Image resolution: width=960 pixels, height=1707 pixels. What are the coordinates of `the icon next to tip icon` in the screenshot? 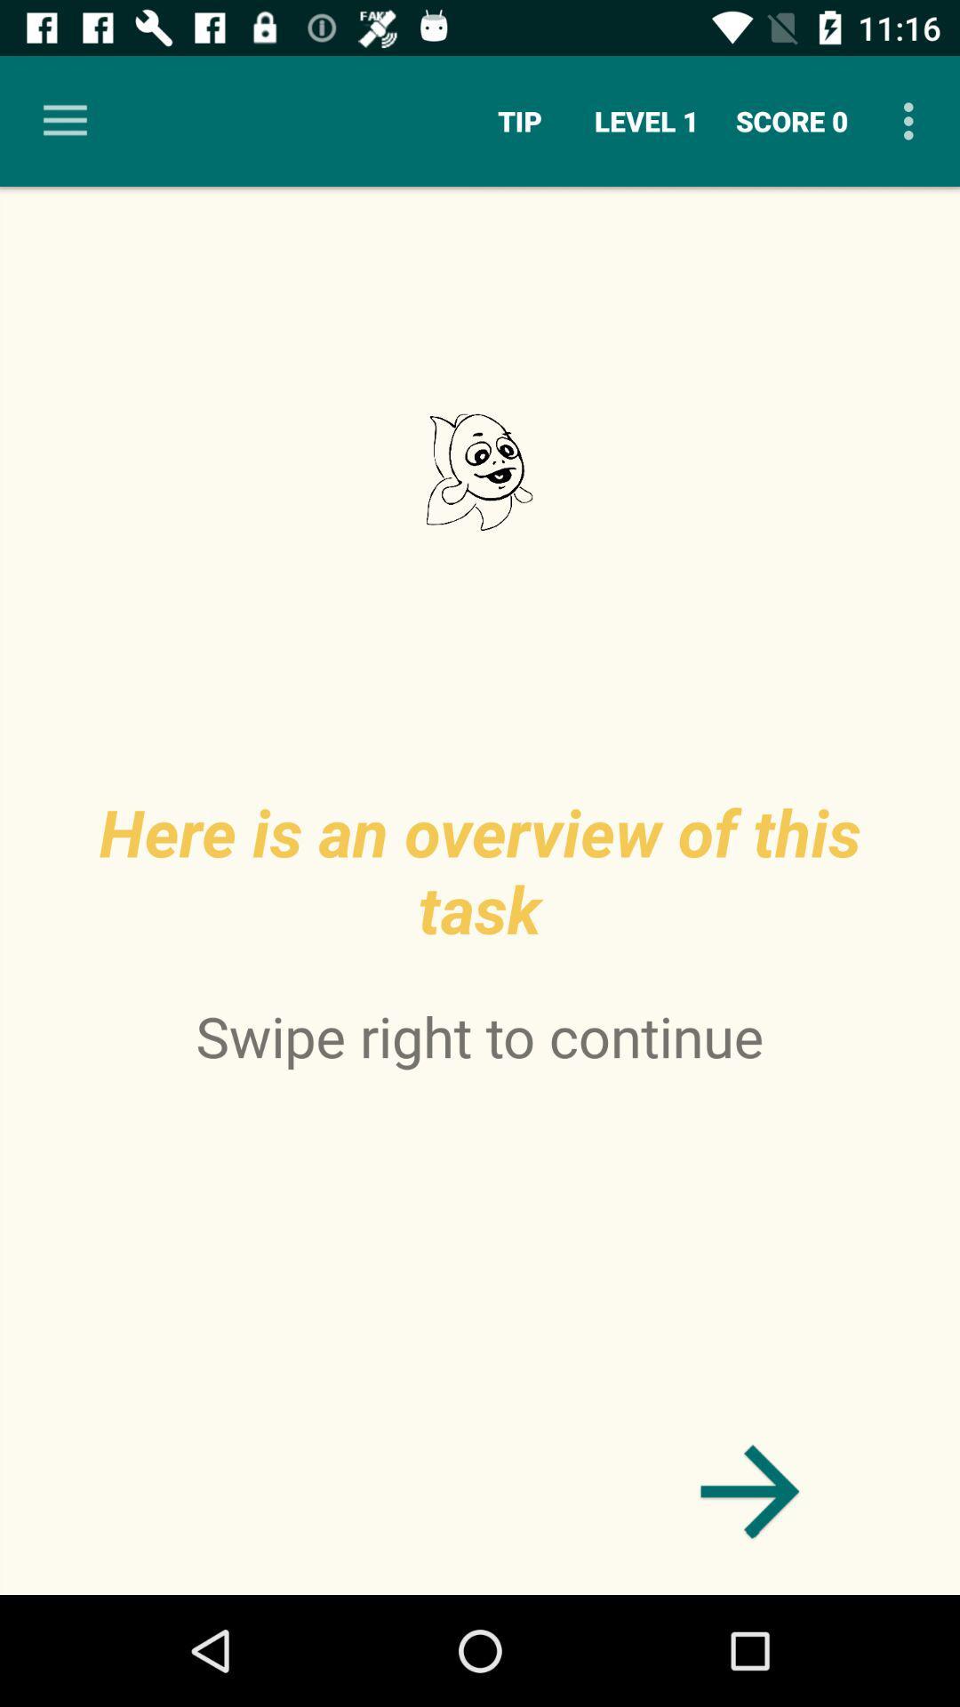 It's located at (646, 120).